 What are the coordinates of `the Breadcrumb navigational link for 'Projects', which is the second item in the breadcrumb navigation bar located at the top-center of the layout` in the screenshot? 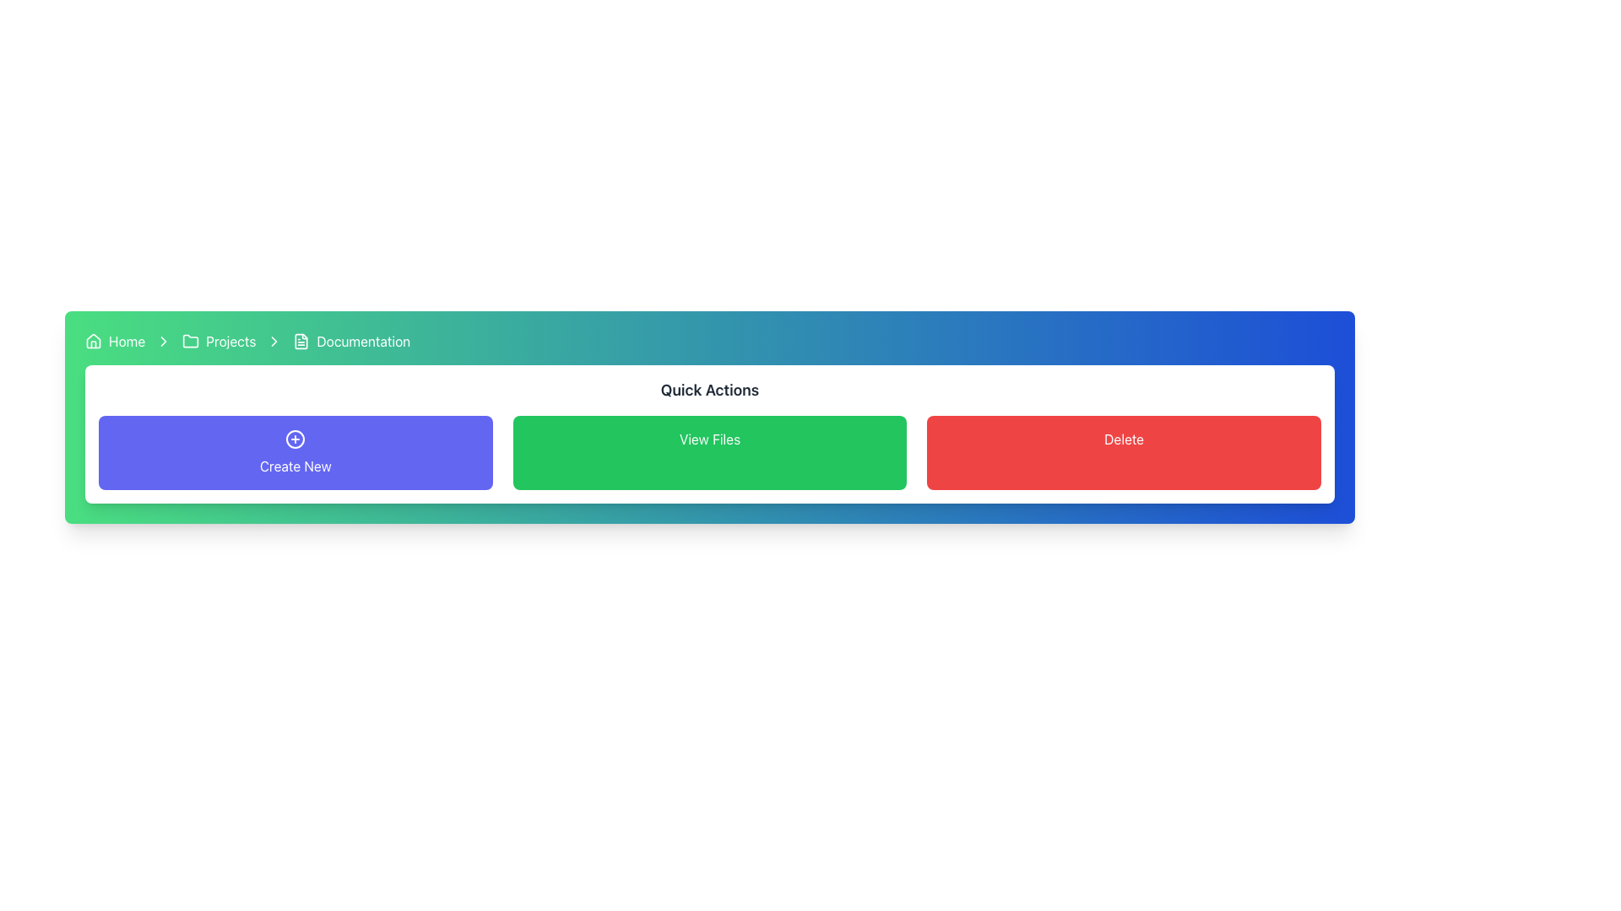 It's located at (218, 342).